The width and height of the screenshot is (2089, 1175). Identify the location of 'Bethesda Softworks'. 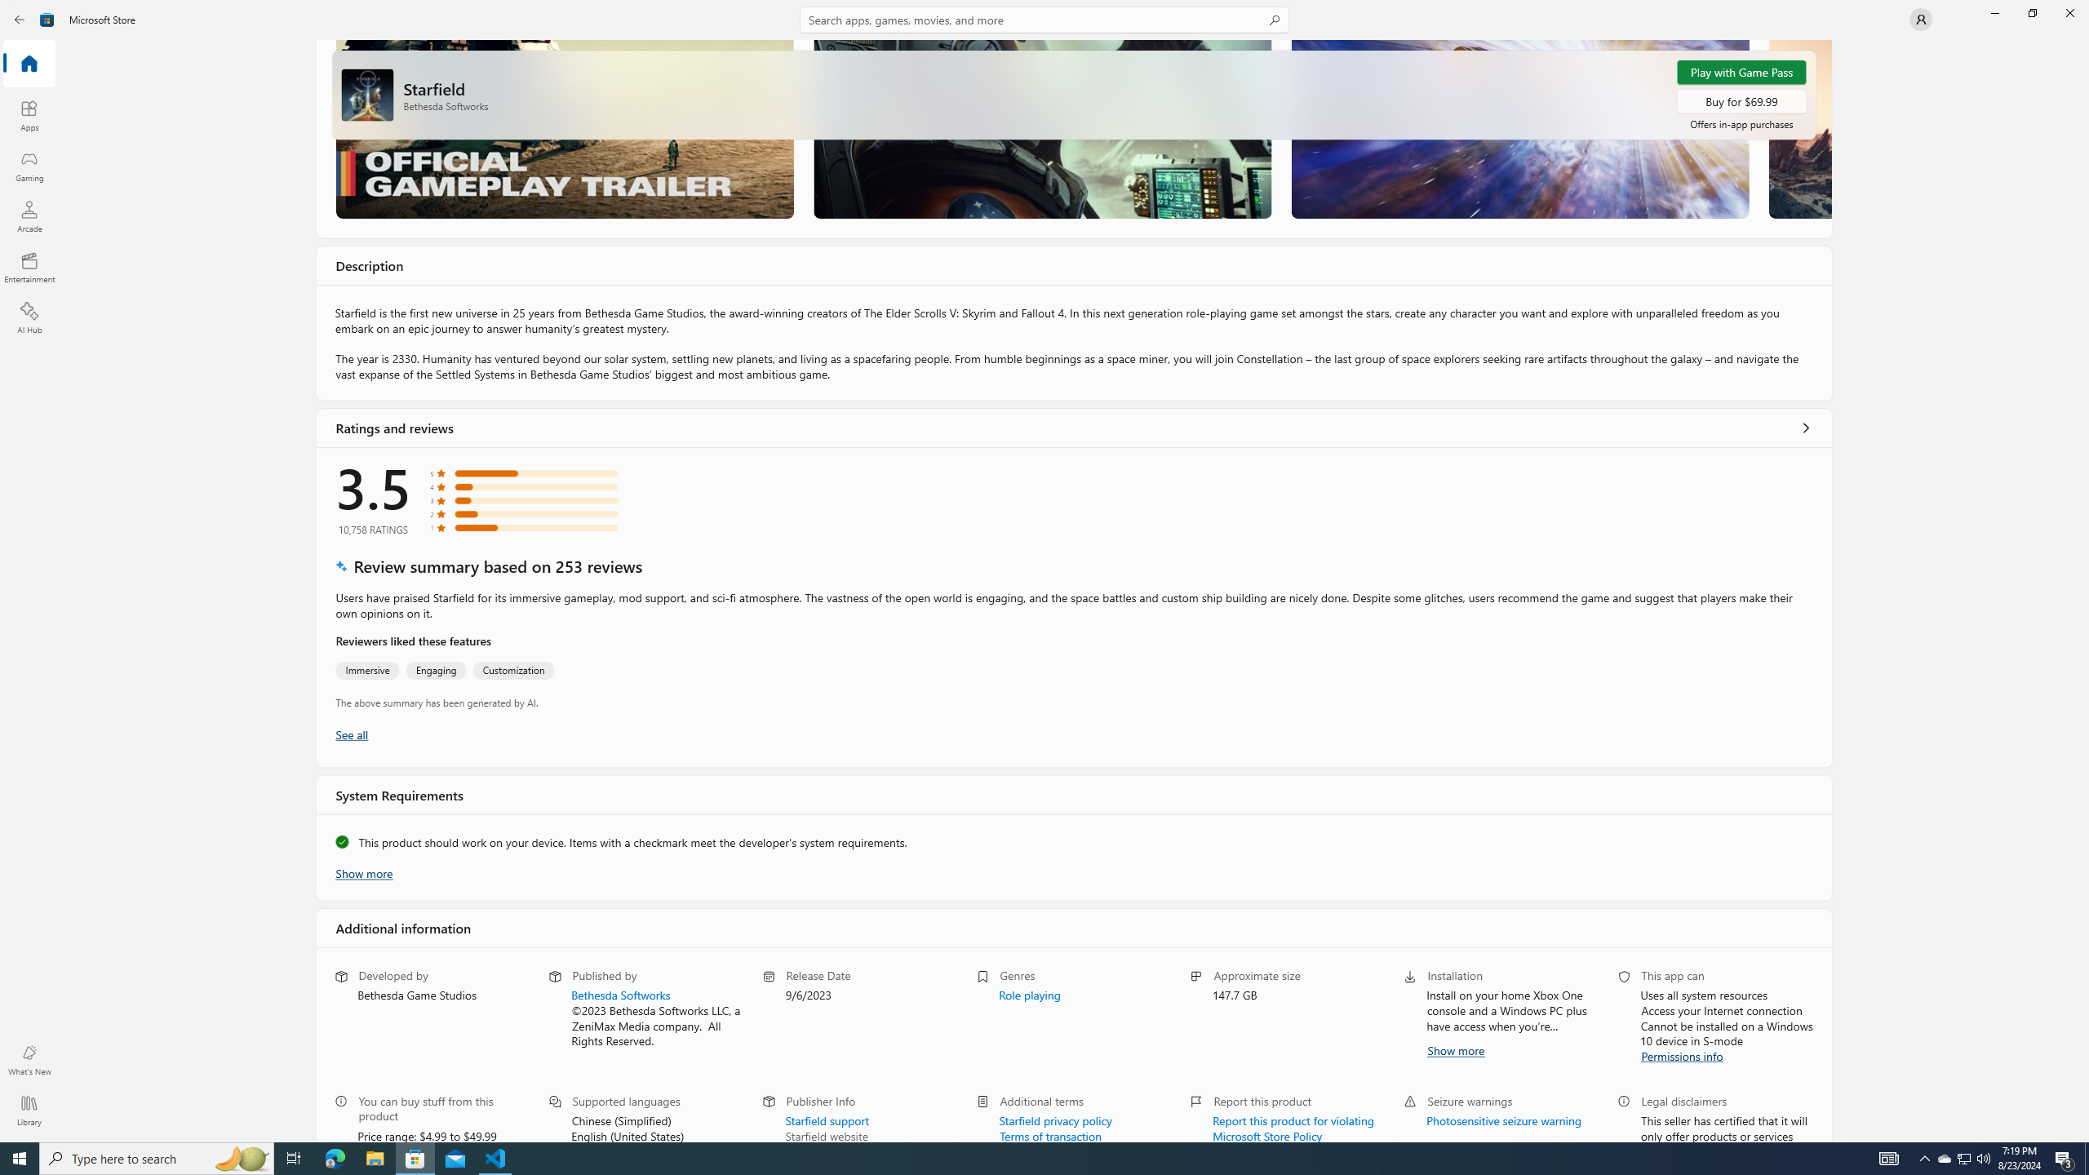
(619, 993).